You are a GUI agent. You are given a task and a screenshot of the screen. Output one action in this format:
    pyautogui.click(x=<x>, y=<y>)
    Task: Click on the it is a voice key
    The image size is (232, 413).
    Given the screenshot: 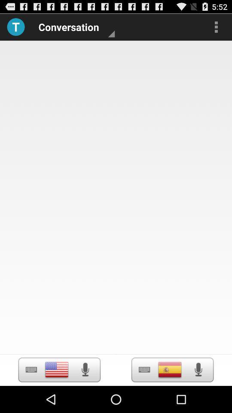 What is the action you would take?
    pyautogui.click(x=198, y=369)
    